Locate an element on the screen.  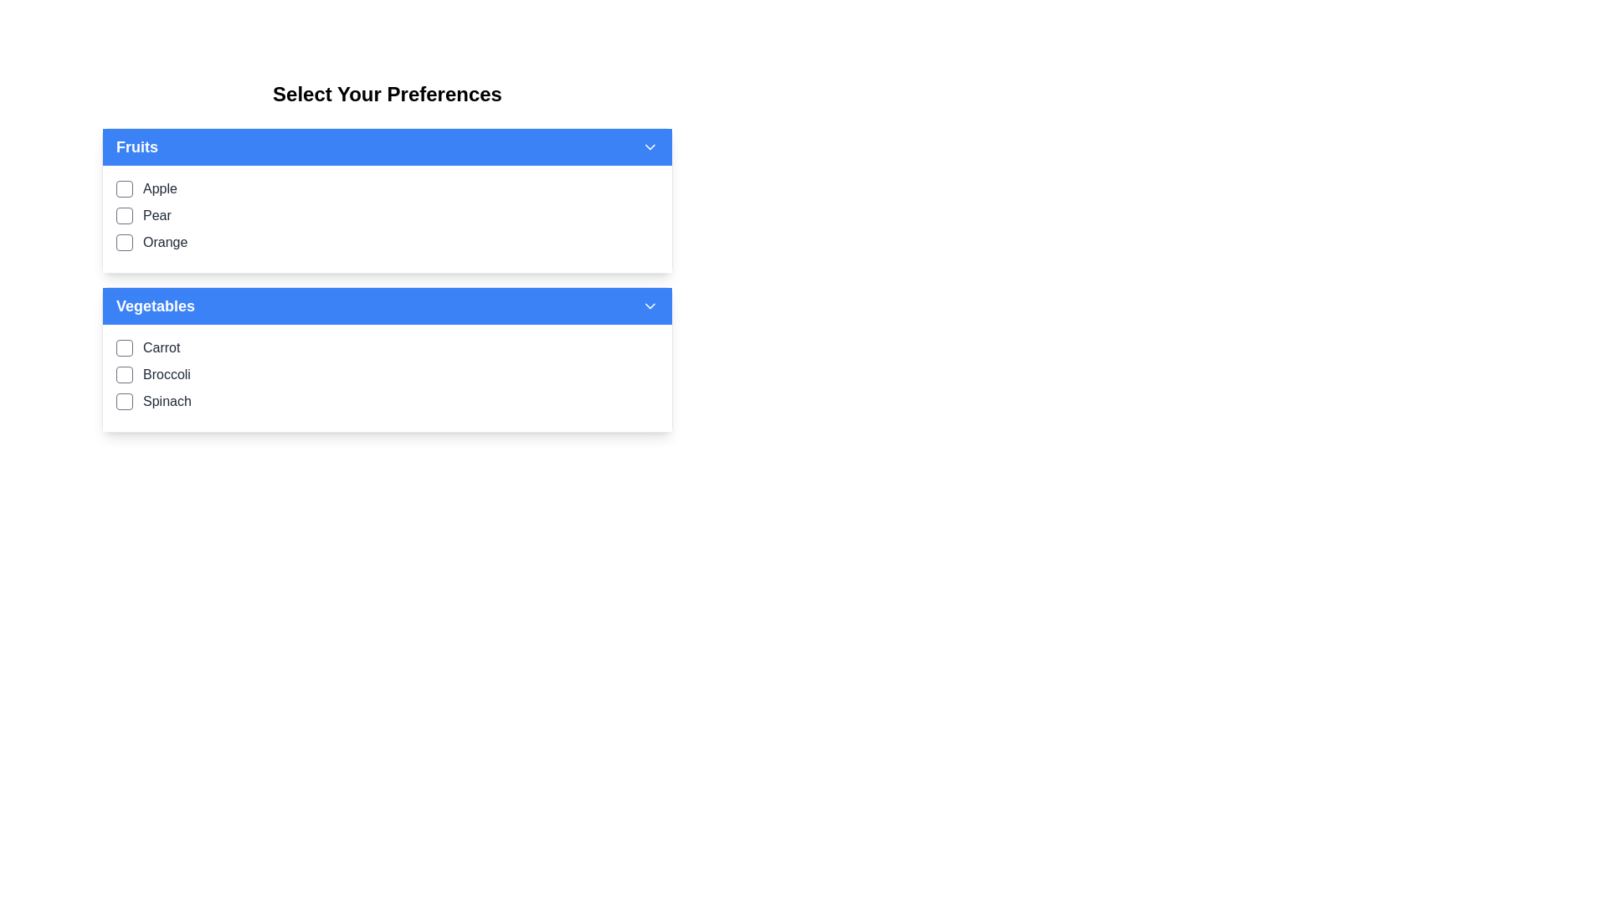
the downward-pointing chevron icon at the right end of the blue bar labeled 'Fruits' is located at coordinates (649, 146).